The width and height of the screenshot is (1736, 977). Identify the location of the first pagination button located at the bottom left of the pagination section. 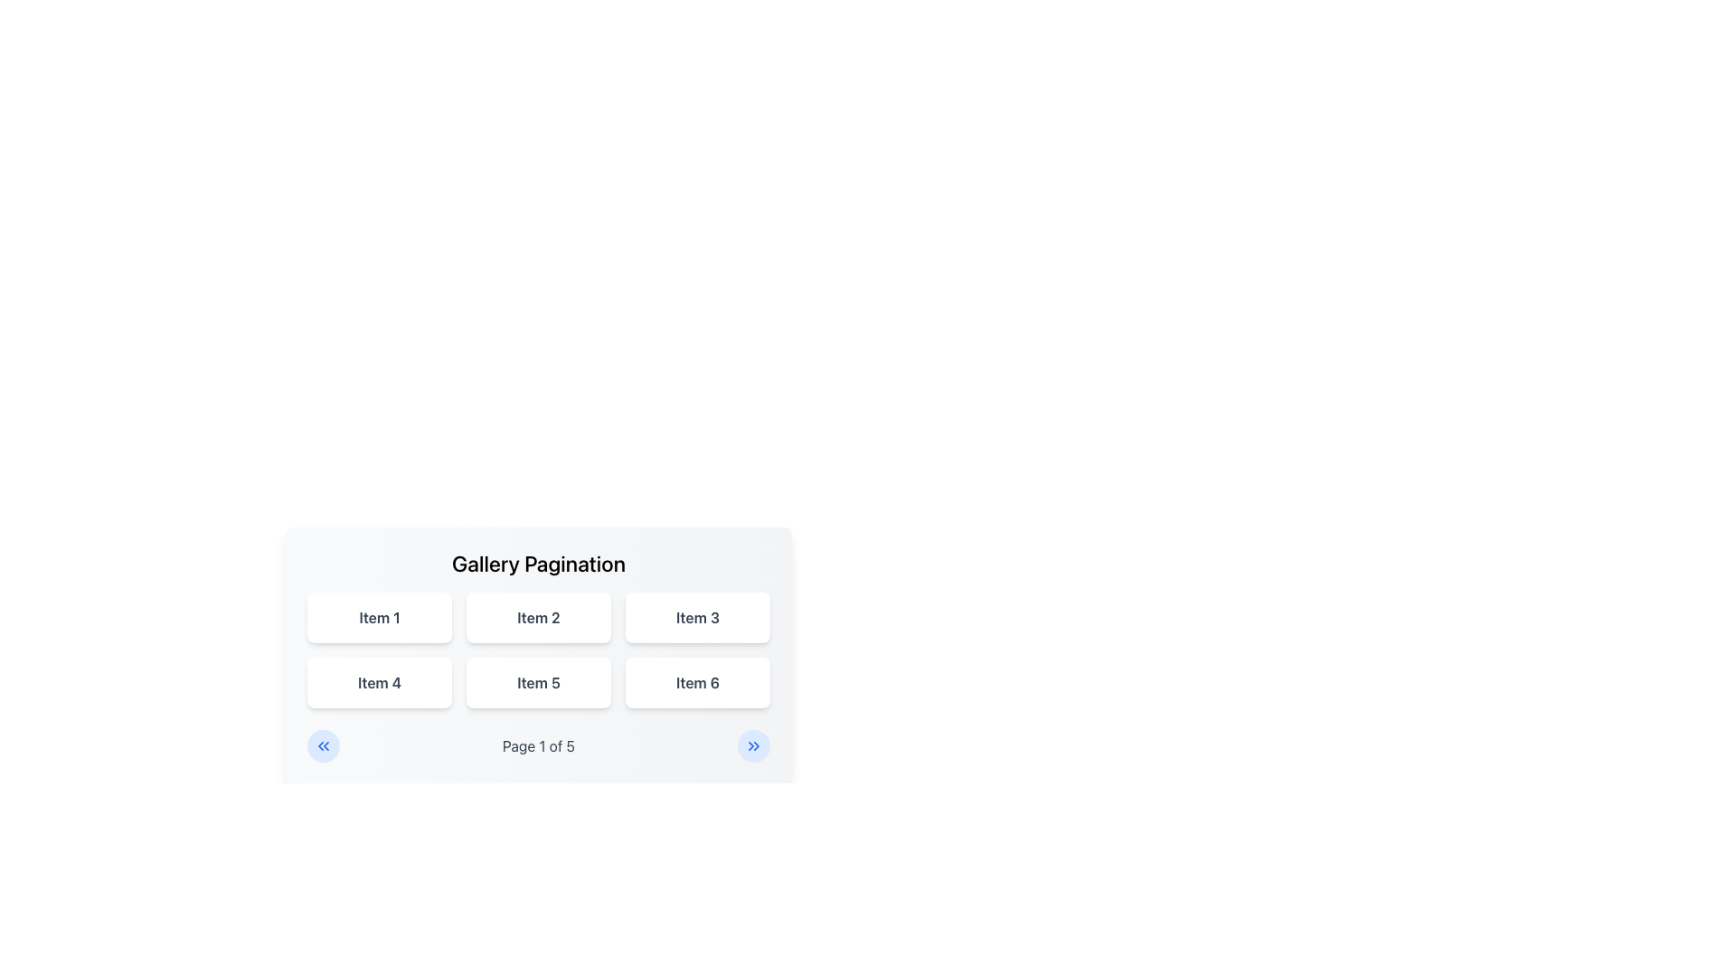
(324, 746).